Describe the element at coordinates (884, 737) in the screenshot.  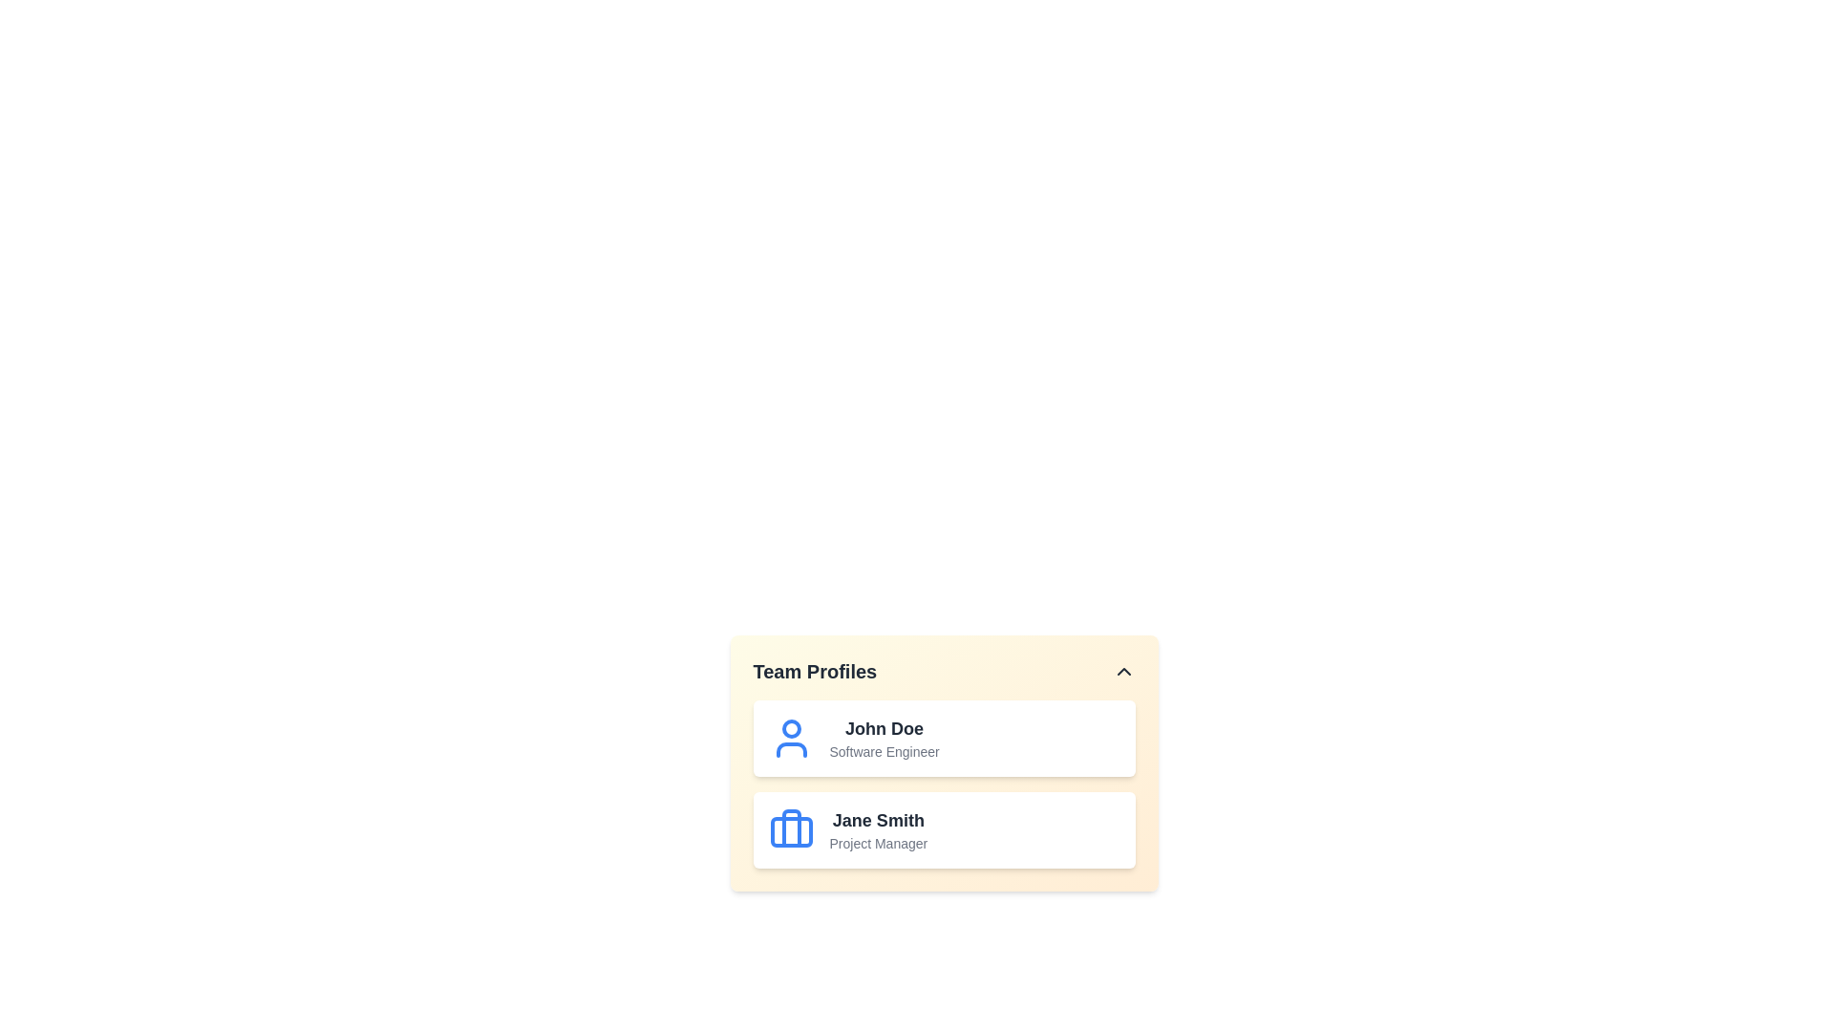
I see `information displayed in the text element that shows the name 'John Doe' and the job title 'Software Engineer' within the white card under the 'Team Profiles' header` at that location.